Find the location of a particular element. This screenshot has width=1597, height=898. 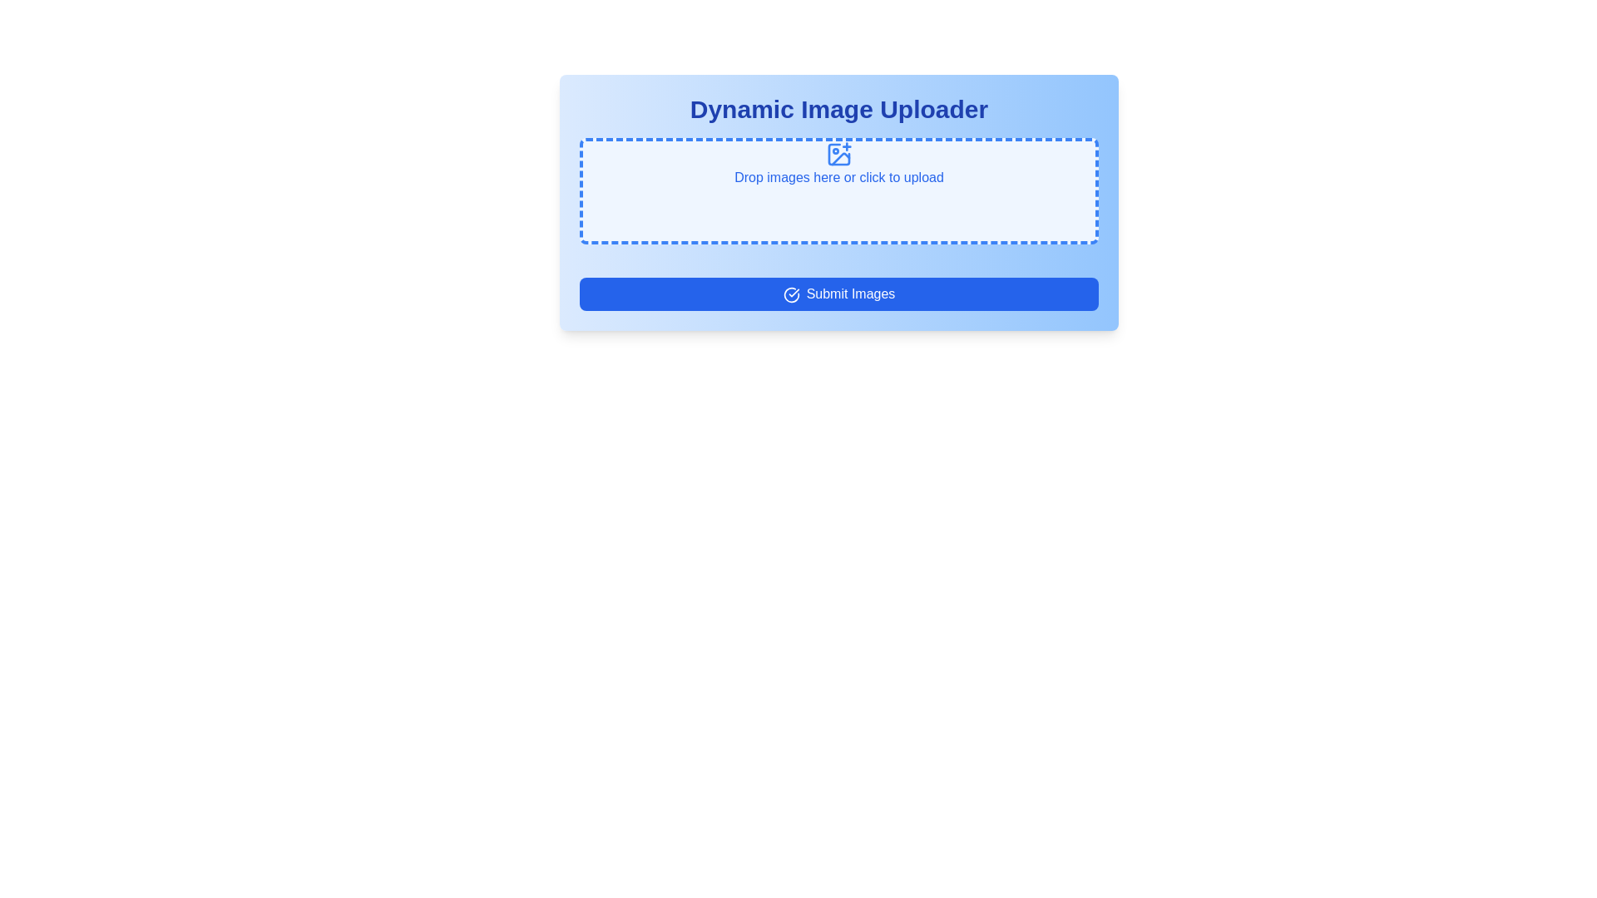

and drop images into the rectangular upload area with a dashed blue border and light blue background, which contains an image icon and the text 'Drop images here or click is located at coordinates (838, 190).